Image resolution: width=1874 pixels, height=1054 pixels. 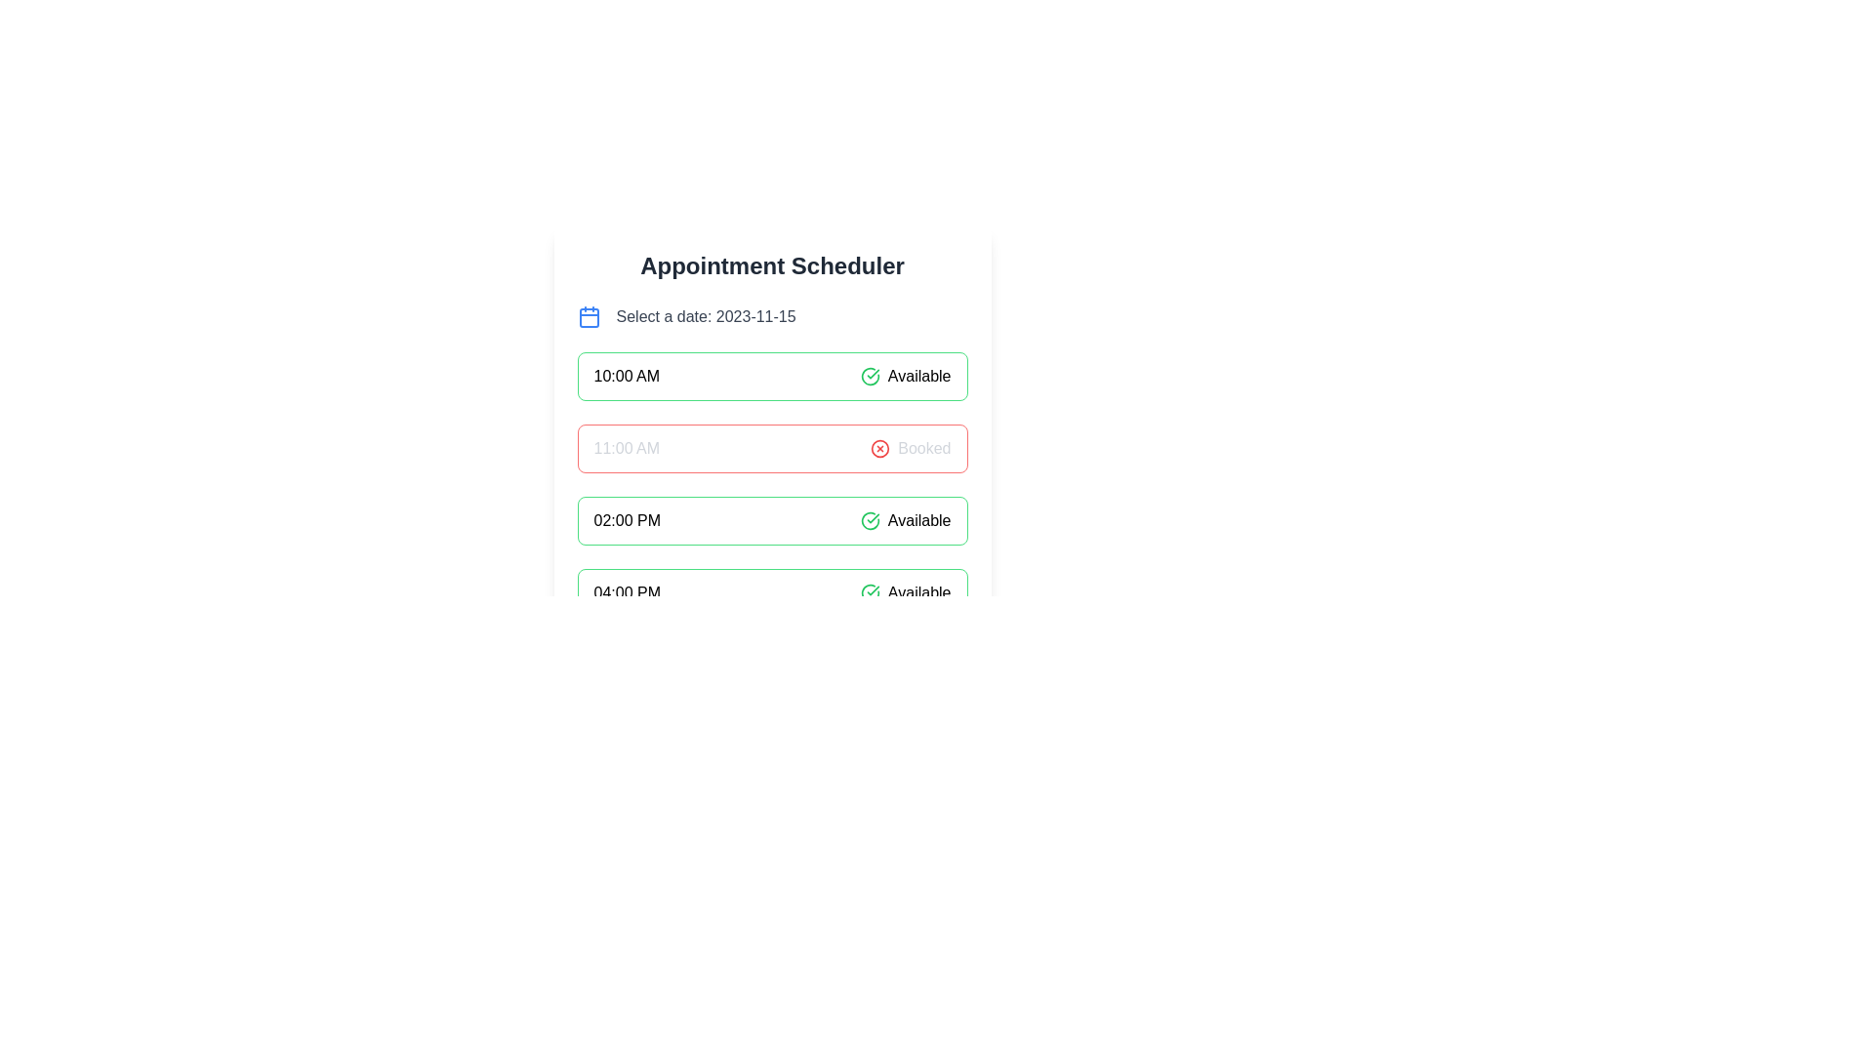 I want to click on the availability status indicator for the time slot '04:00 PM', located at the bottom-right corner next to the green checkmark icon, so click(x=904, y=592).